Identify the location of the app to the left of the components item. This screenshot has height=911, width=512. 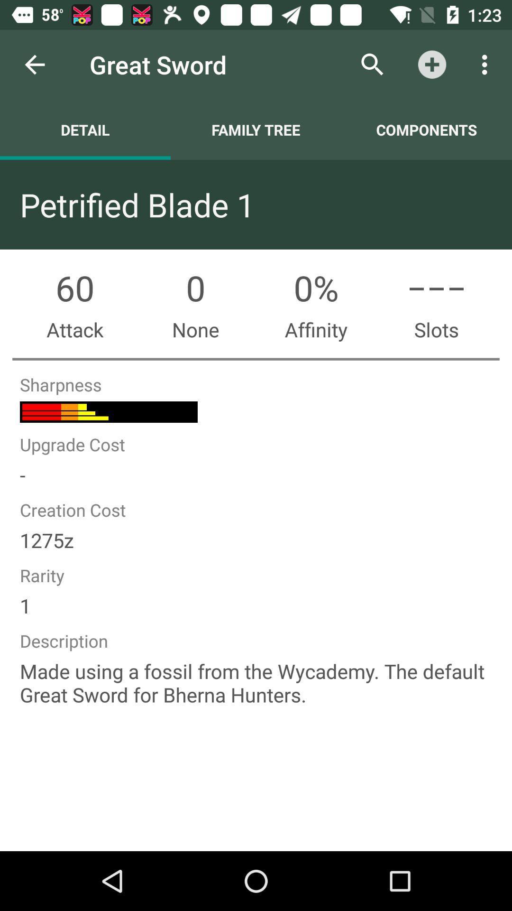
(256, 129).